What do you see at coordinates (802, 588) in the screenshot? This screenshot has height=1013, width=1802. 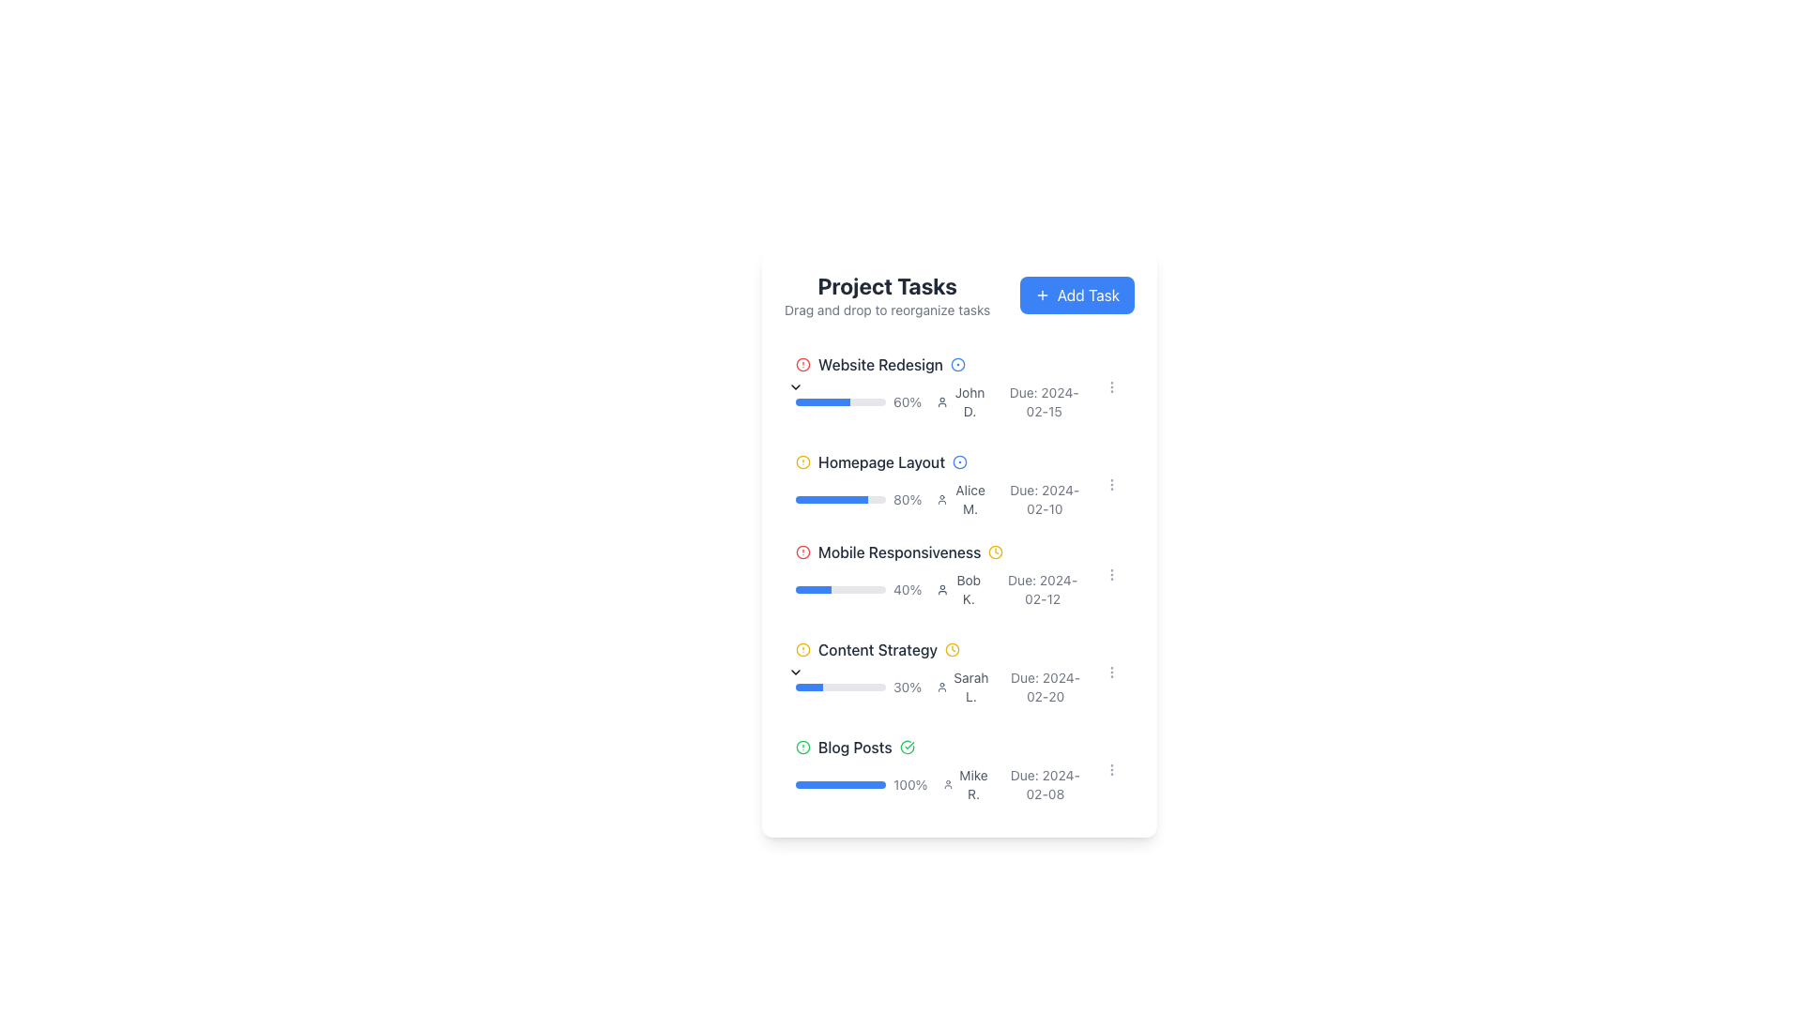 I see `progress` at bounding box center [802, 588].